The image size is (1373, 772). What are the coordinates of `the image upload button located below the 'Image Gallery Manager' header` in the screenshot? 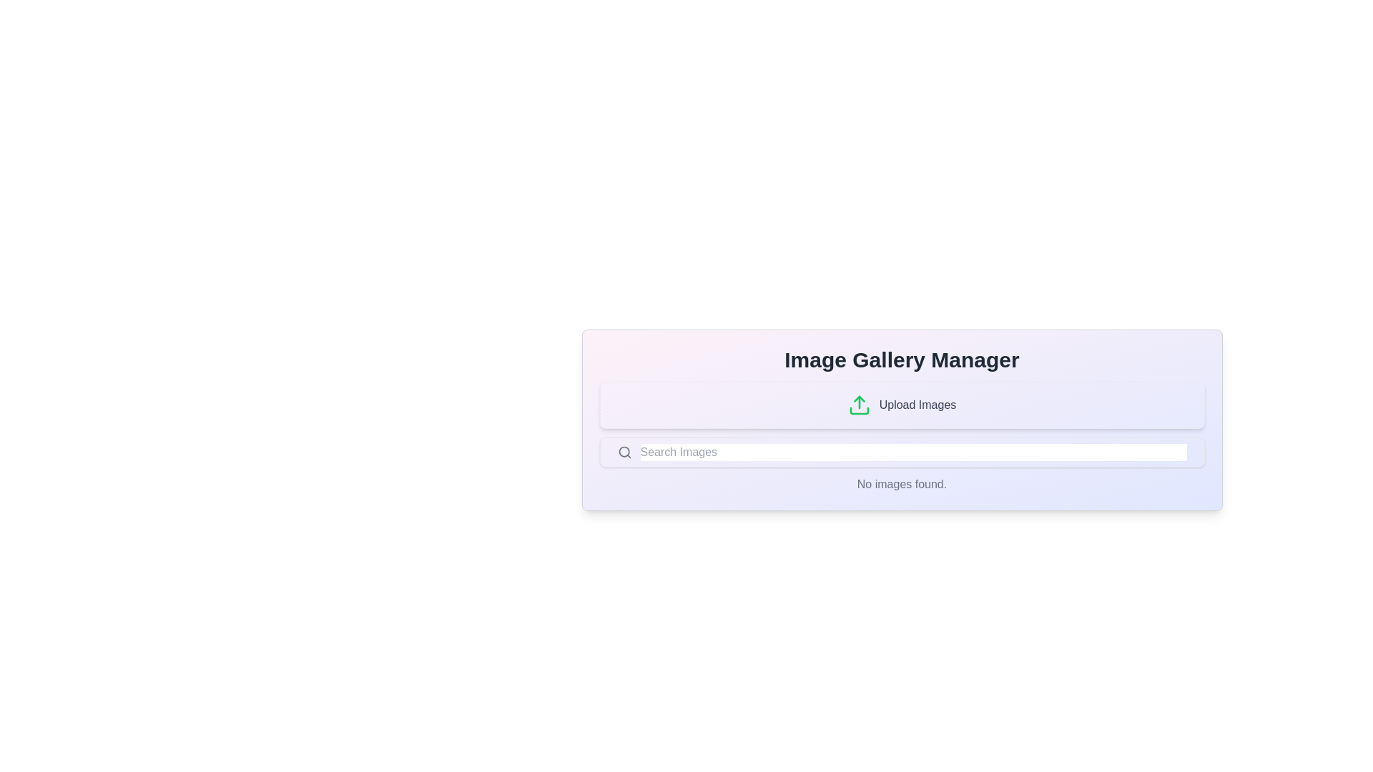 It's located at (901, 405).